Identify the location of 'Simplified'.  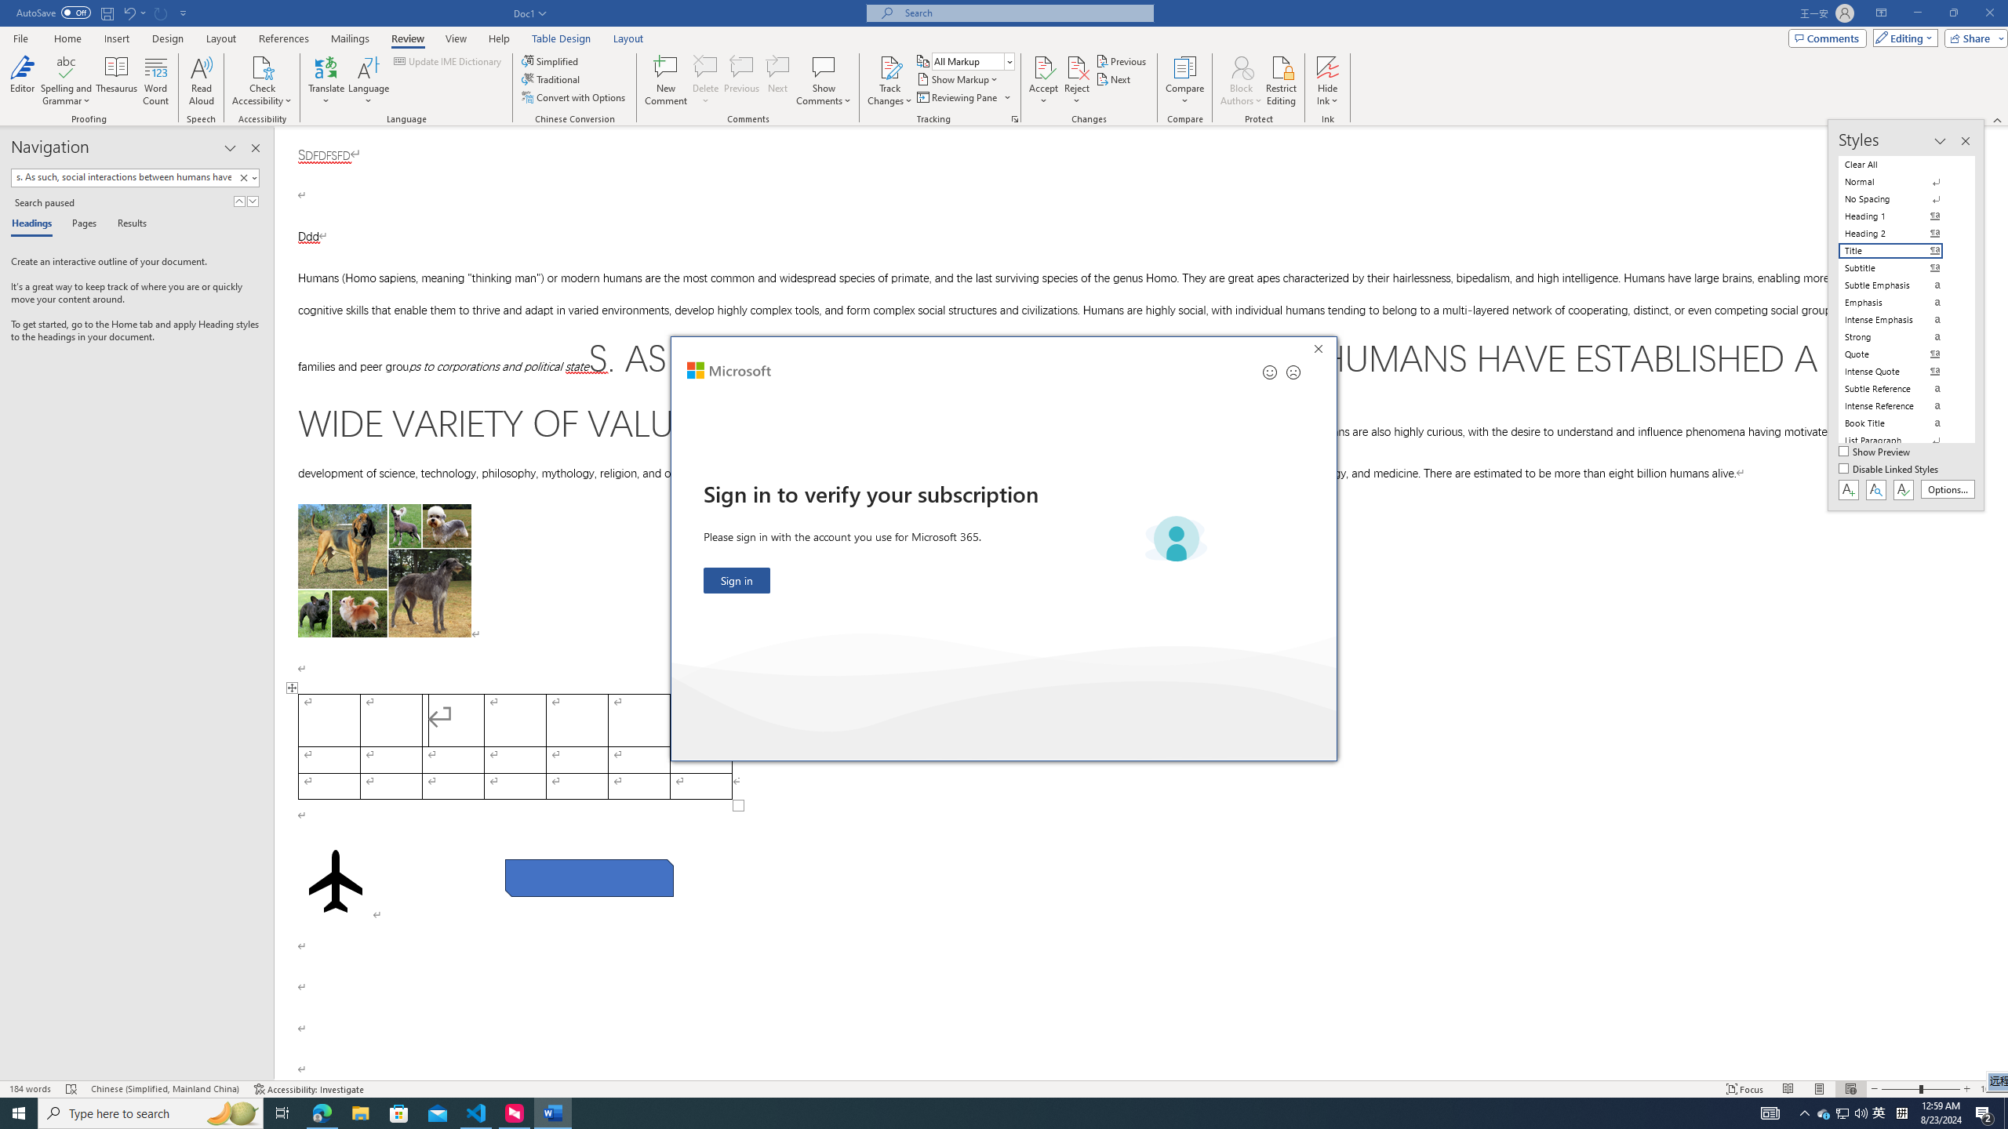
(552, 60).